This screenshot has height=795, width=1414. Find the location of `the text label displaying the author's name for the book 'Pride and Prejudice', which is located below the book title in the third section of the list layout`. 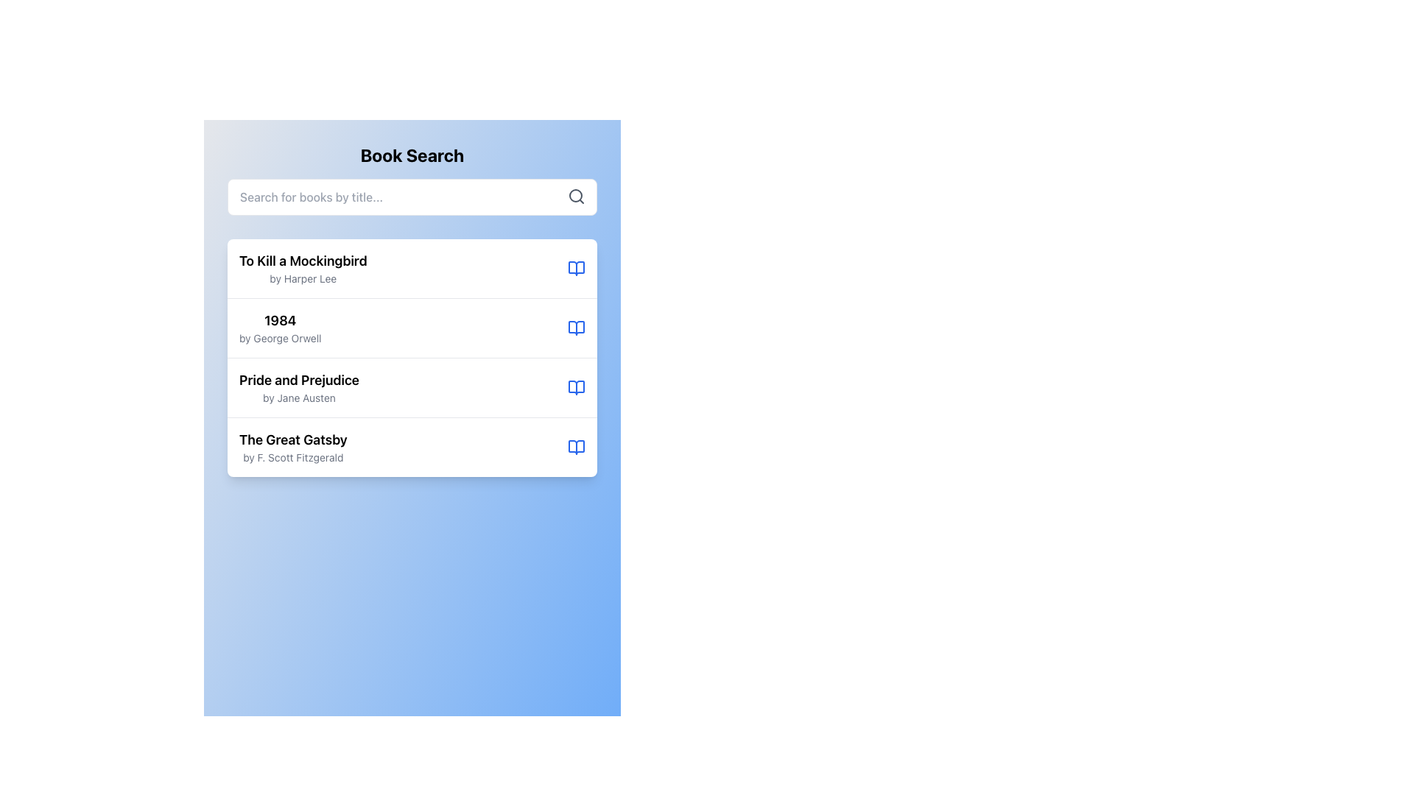

the text label displaying the author's name for the book 'Pride and Prejudice', which is located below the book title in the third section of the list layout is located at coordinates (298, 397).